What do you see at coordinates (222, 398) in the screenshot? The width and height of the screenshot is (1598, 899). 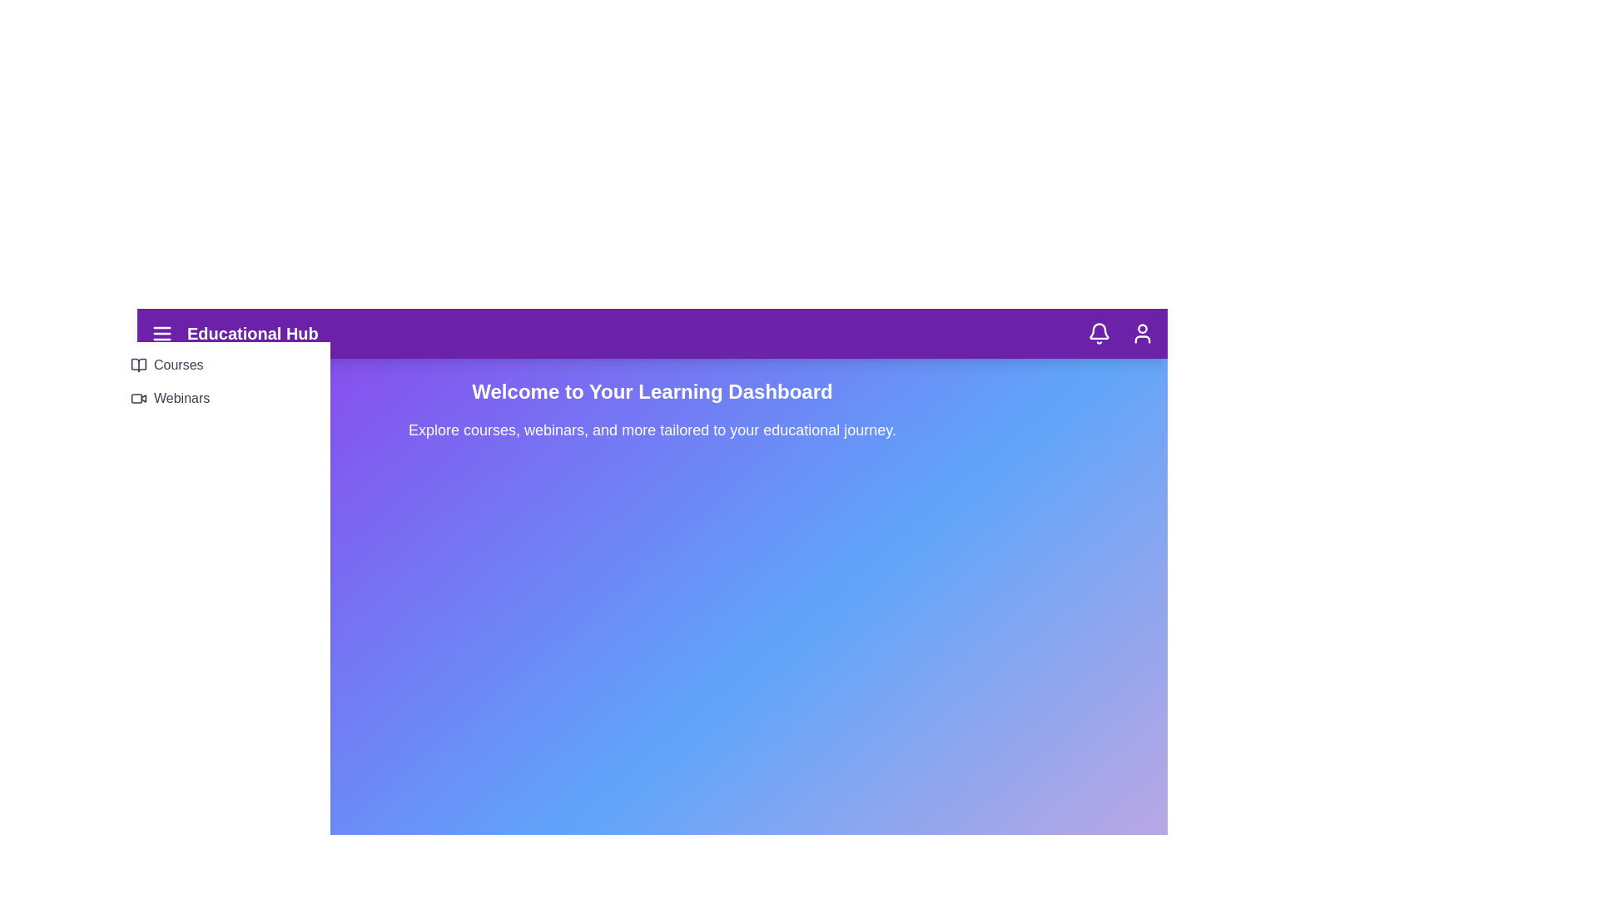 I see `the 'Webinars' link in the sidebar to navigate to the 'Webinars' section` at bounding box center [222, 398].